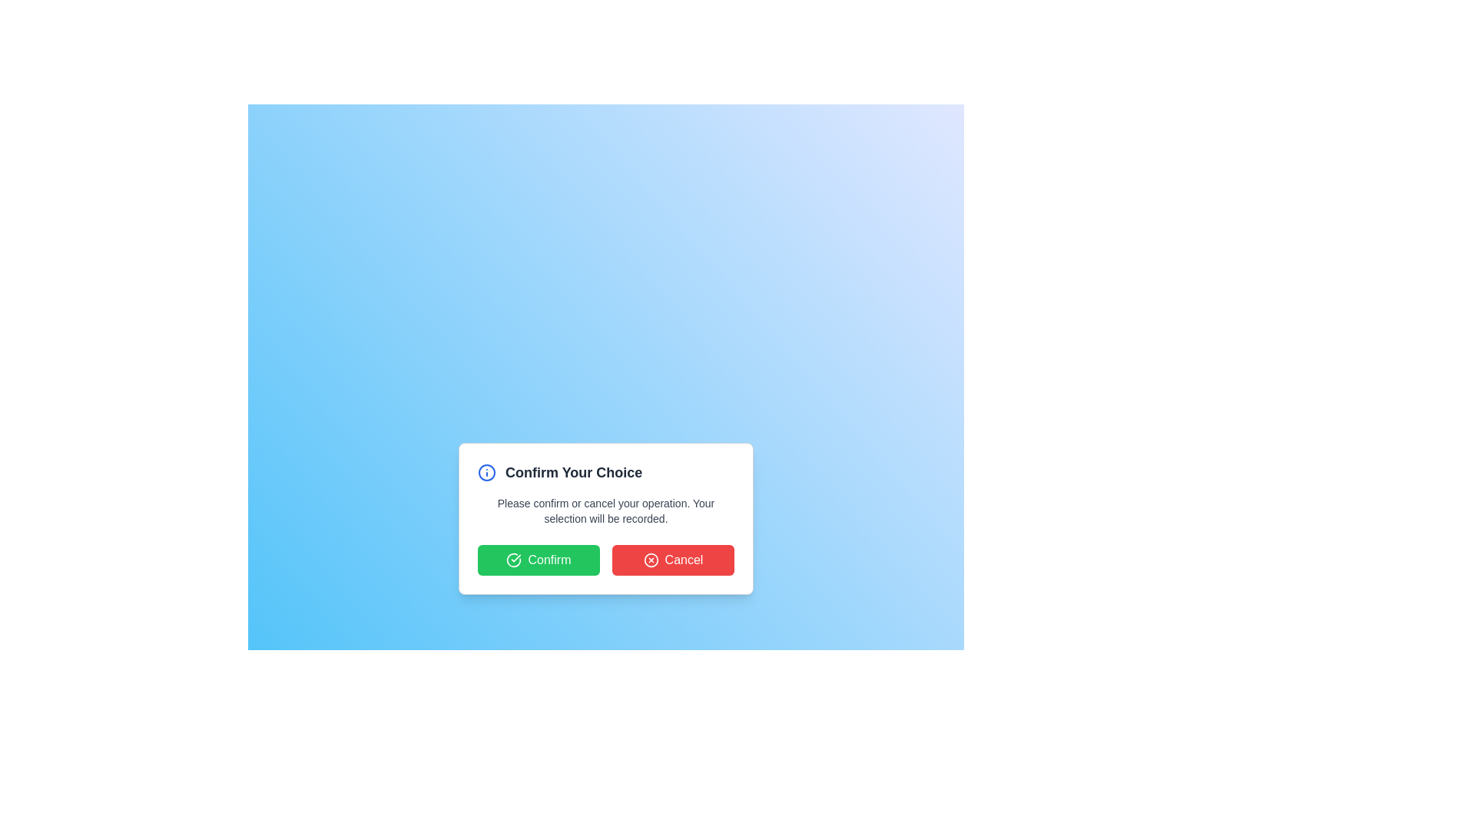 This screenshot has height=829, width=1475. Describe the element at coordinates (486, 472) in the screenshot. I see `the circular component of the SVG graphic located within the informational icon to the left of the heading text 'Confirm Your Choice' inside a modal dialog` at that location.